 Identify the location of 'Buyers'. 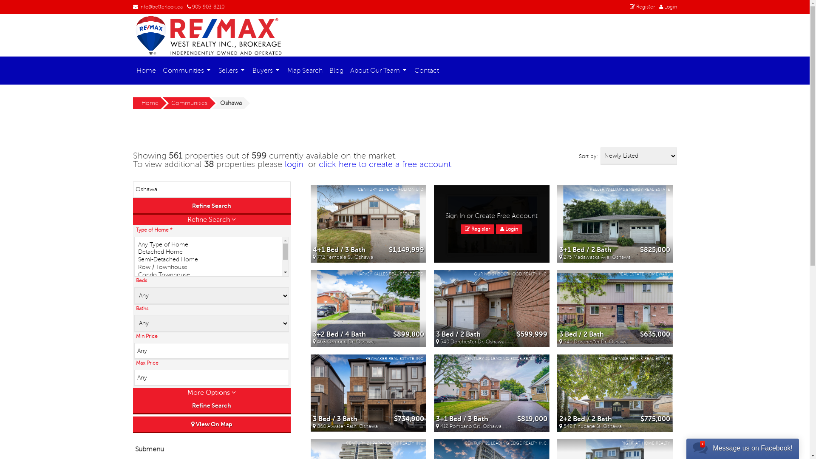
(266, 70).